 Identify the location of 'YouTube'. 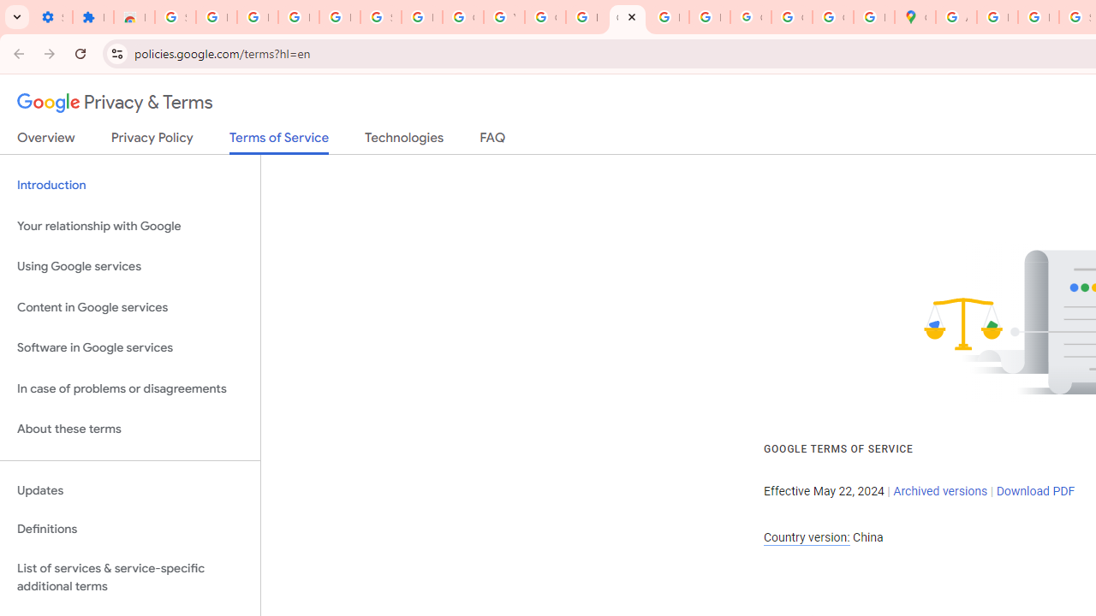
(503, 17).